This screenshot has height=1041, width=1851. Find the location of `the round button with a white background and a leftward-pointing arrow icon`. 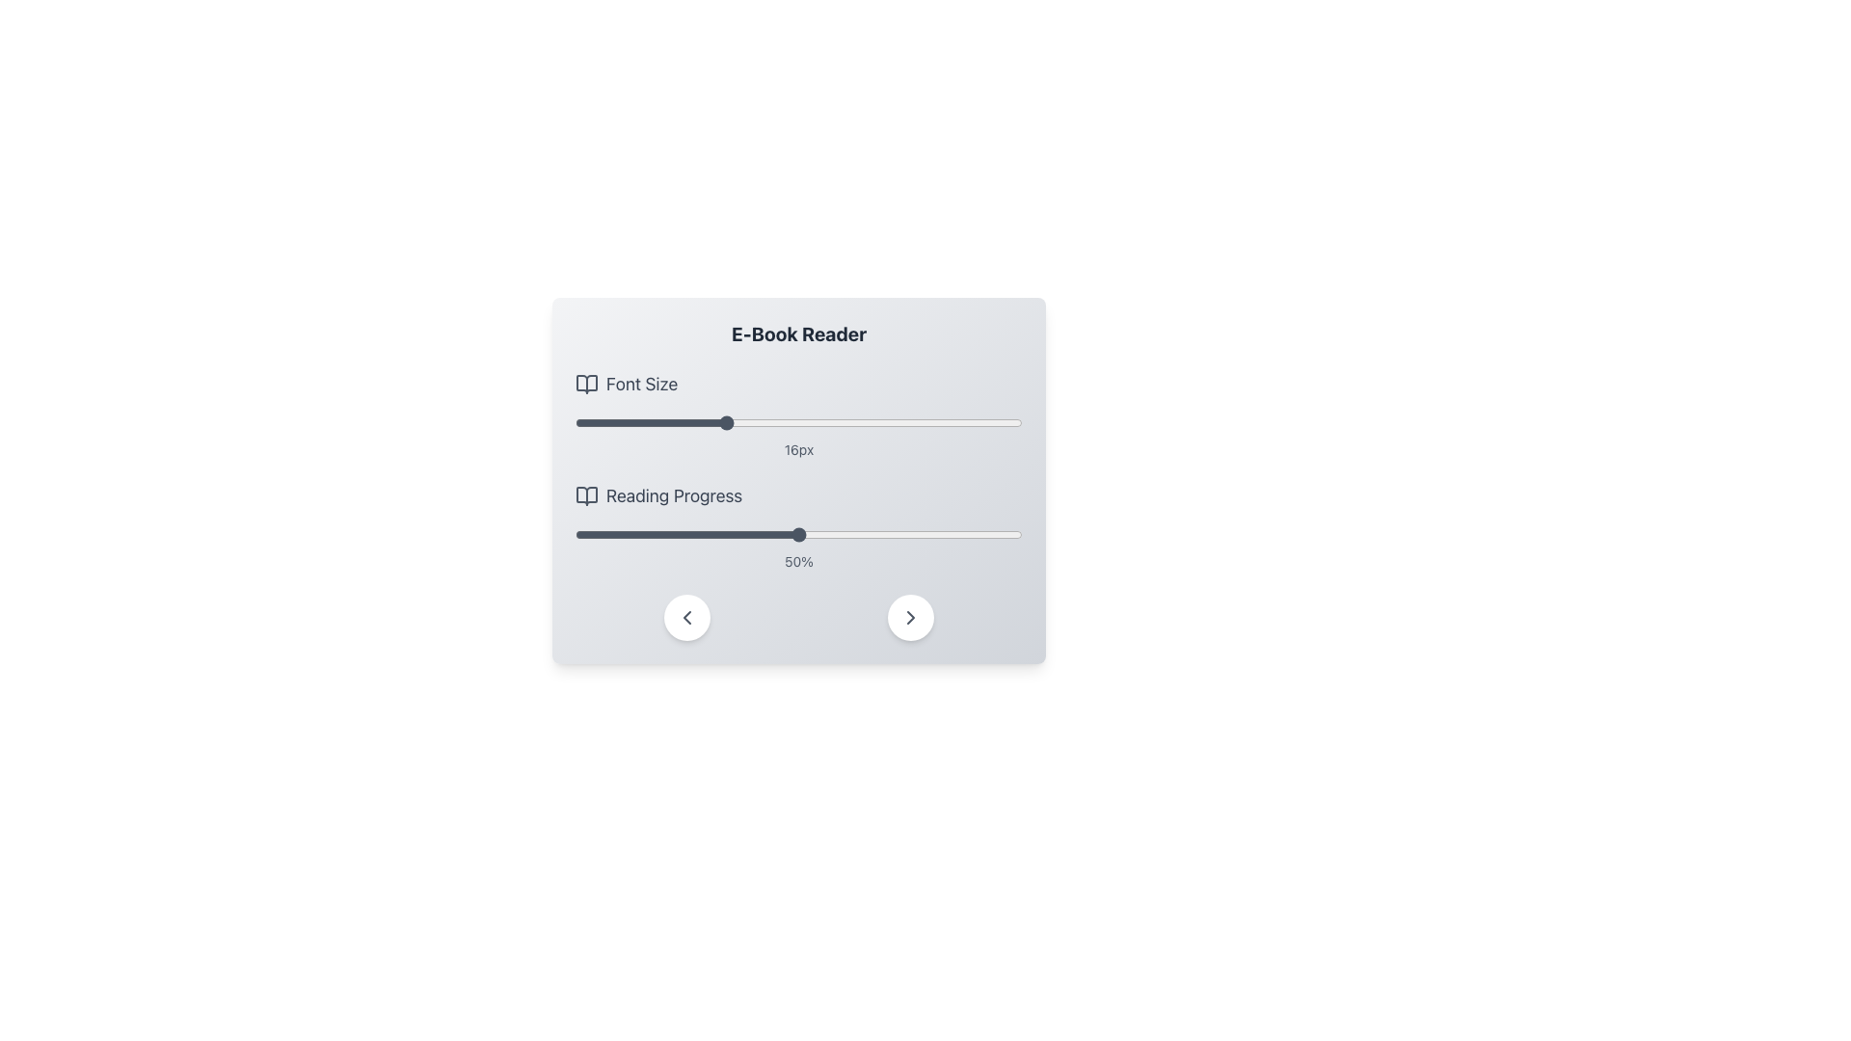

the round button with a white background and a leftward-pointing arrow icon is located at coordinates (687, 617).